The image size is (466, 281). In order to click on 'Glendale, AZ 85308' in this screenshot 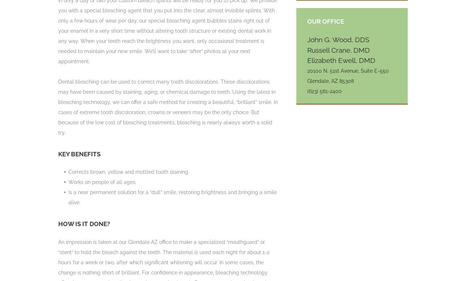, I will do `click(330, 81)`.